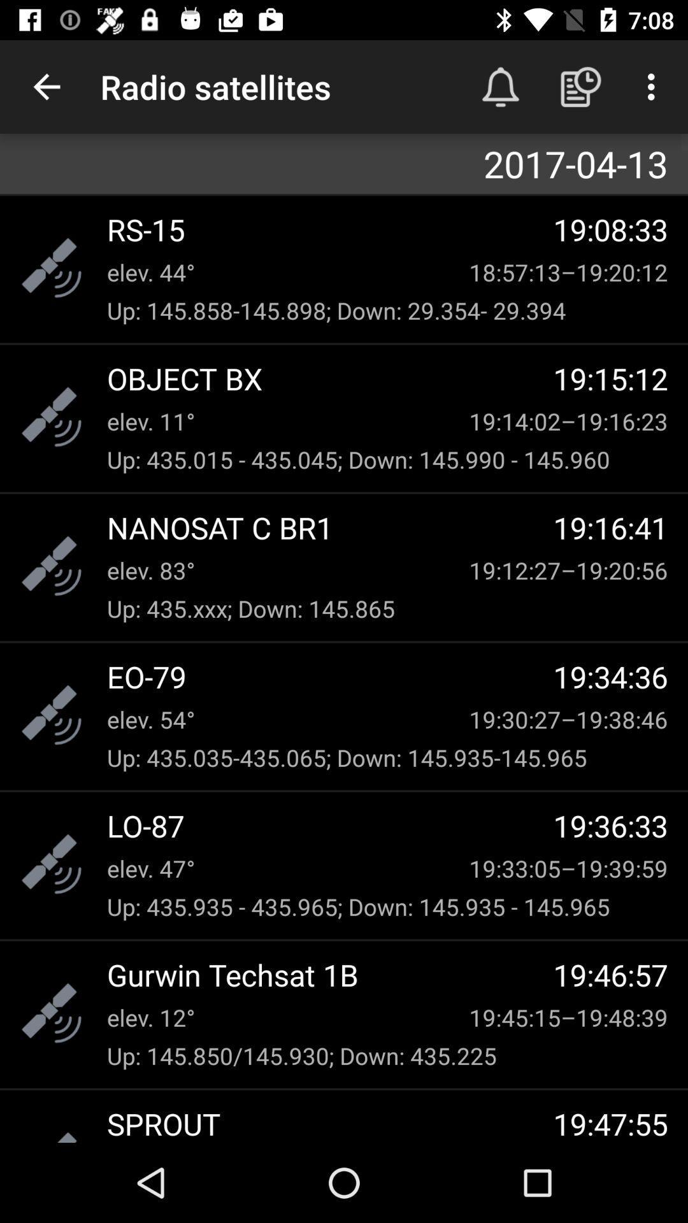  Describe the element at coordinates (329, 378) in the screenshot. I see `the item next to 19:15:12 item` at that location.